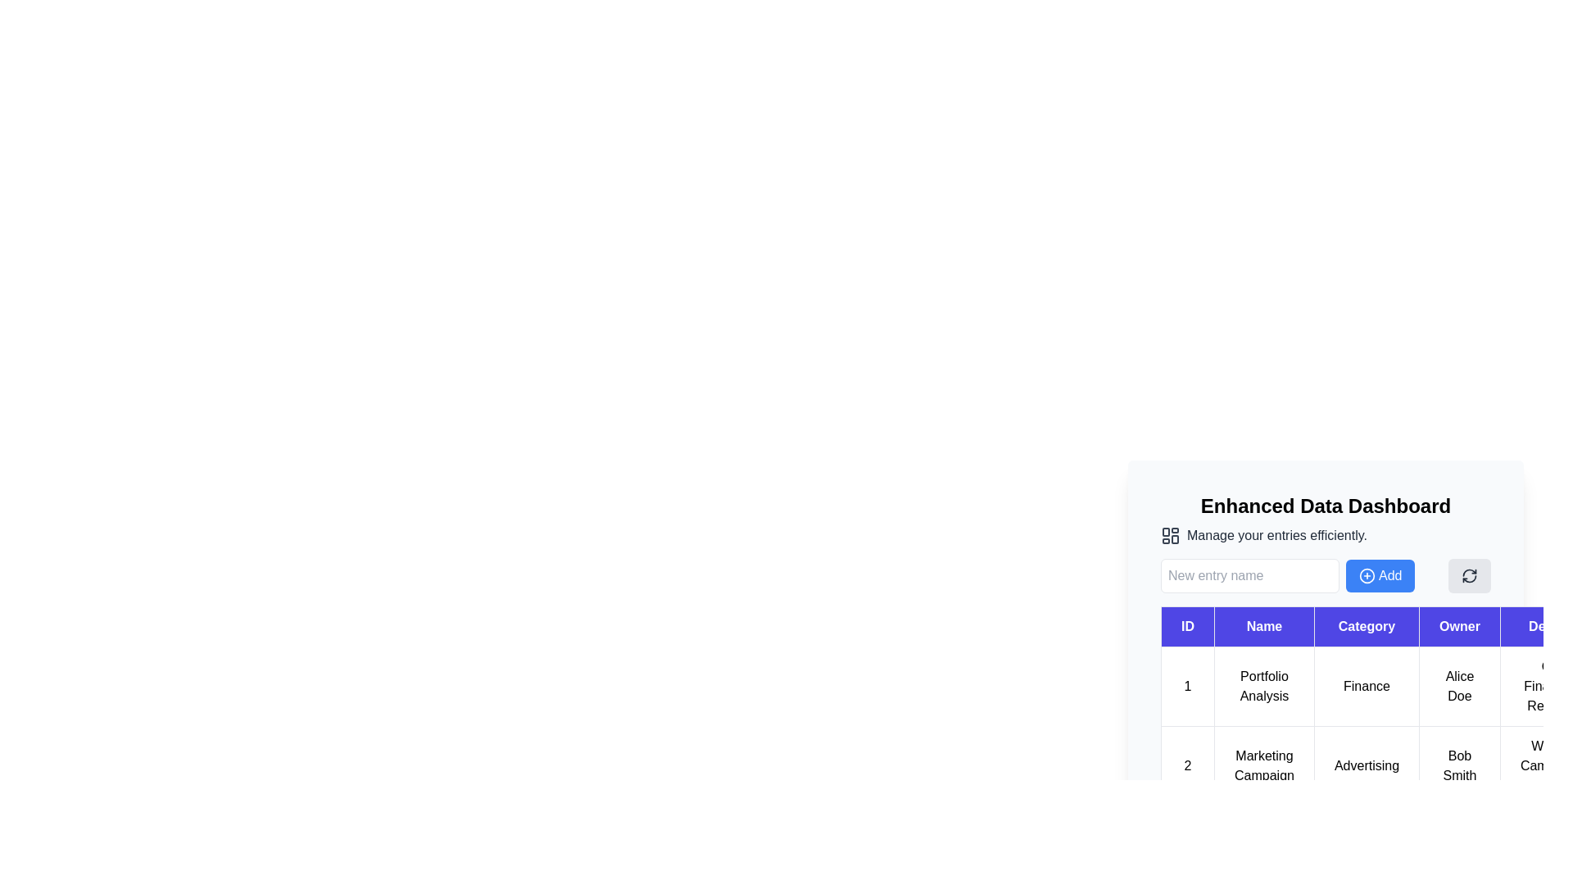 Image resolution: width=1573 pixels, height=885 pixels. I want to click on the Table Cell containing the number '2' in the first column of the second row to associate the ID with the row content, so click(1187, 765).